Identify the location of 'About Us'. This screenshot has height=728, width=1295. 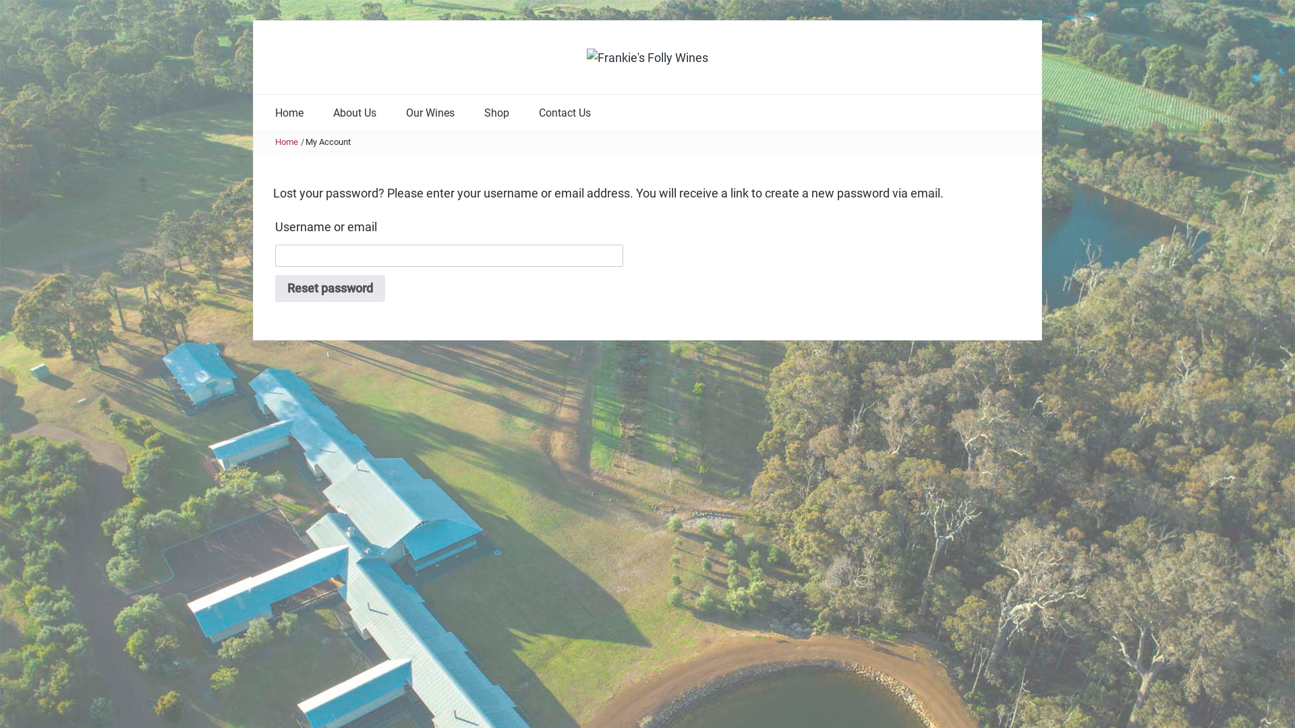
(319, 113).